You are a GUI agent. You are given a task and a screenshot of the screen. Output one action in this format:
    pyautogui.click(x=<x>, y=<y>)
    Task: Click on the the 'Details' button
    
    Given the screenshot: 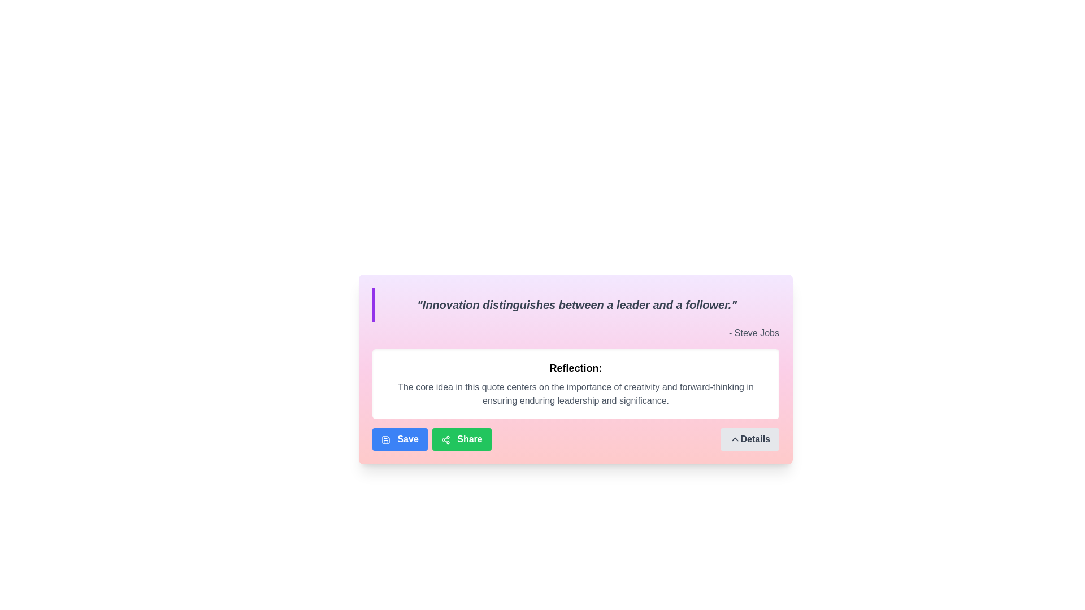 What is the action you would take?
    pyautogui.click(x=749, y=439)
    